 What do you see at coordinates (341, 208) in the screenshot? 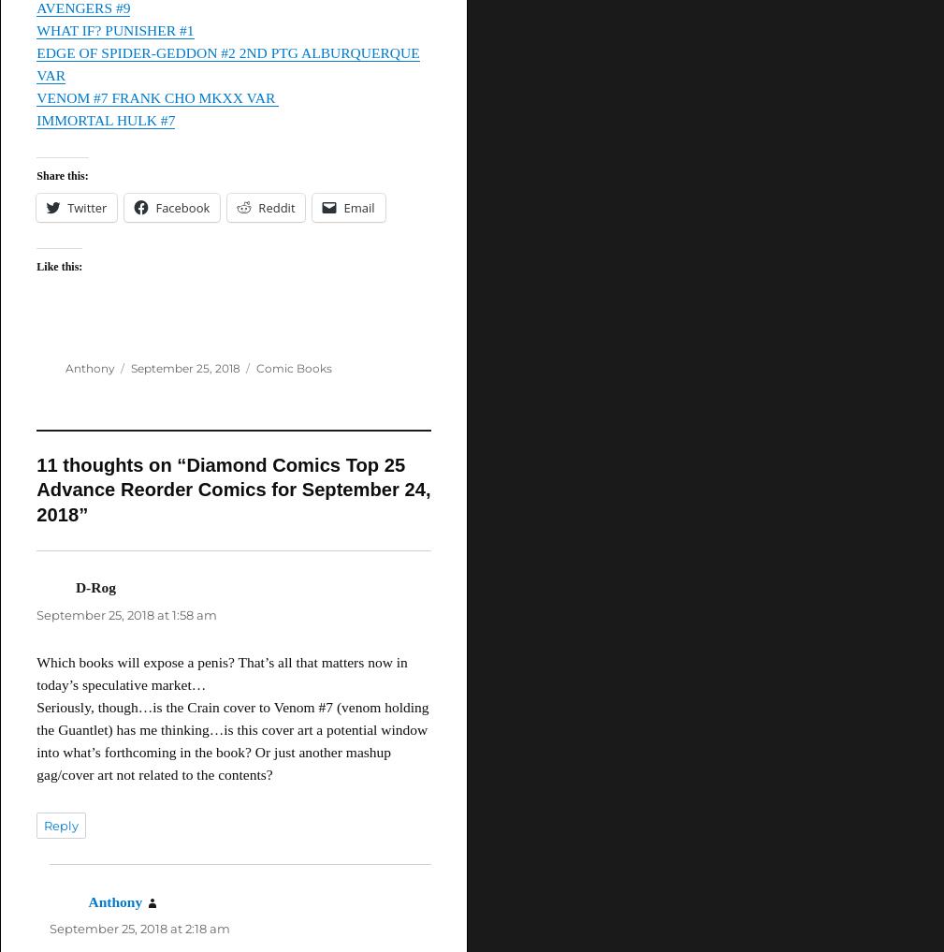
I see `'Email'` at bounding box center [341, 208].